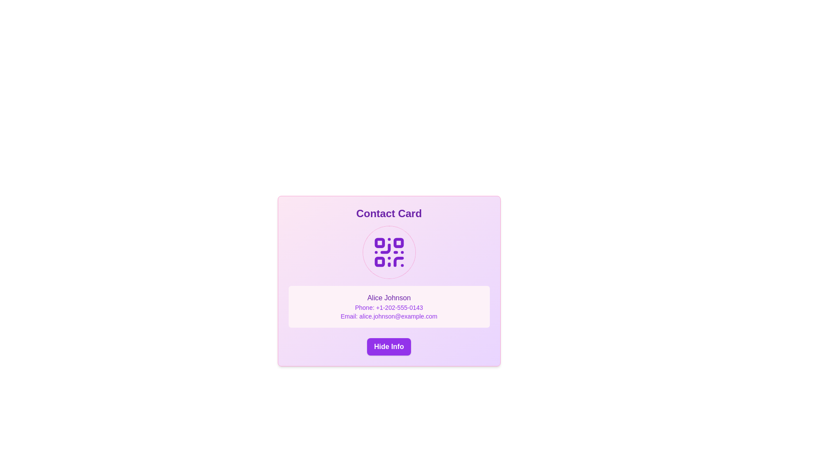 The width and height of the screenshot is (836, 470). I want to click on the second square within the QR code graphic, which is part of the icon design located in the upper-right corner of the purple-themed contact card interface, so click(398, 243).